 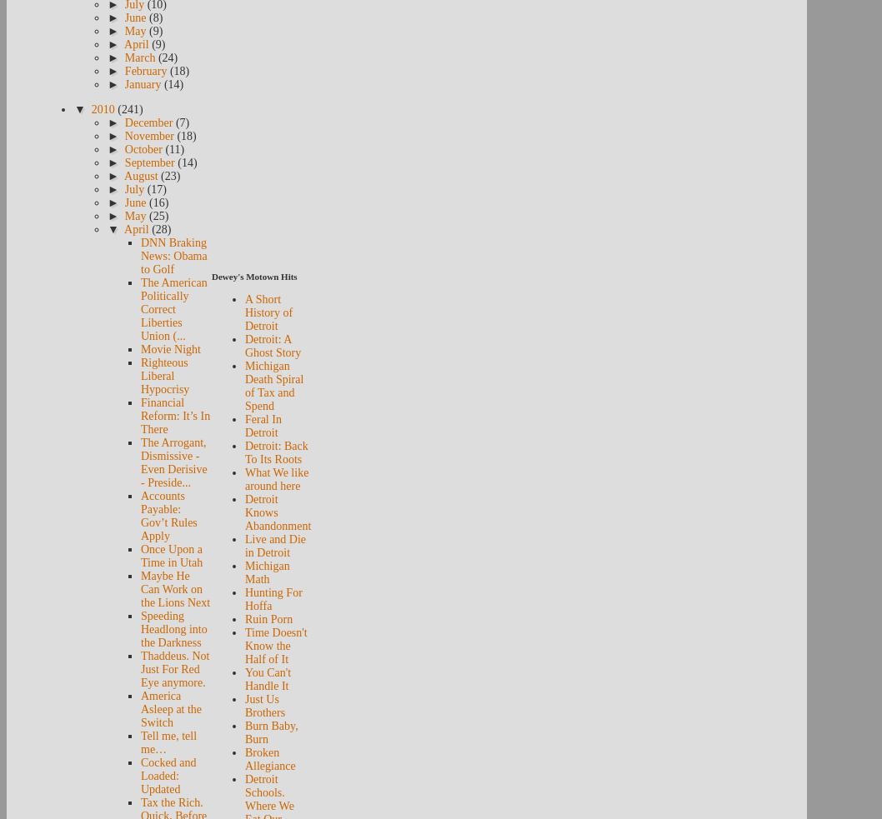 What do you see at coordinates (168, 776) in the screenshot?
I see `'Cocked and Loaded: Updated'` at bounding box center [168, 776].